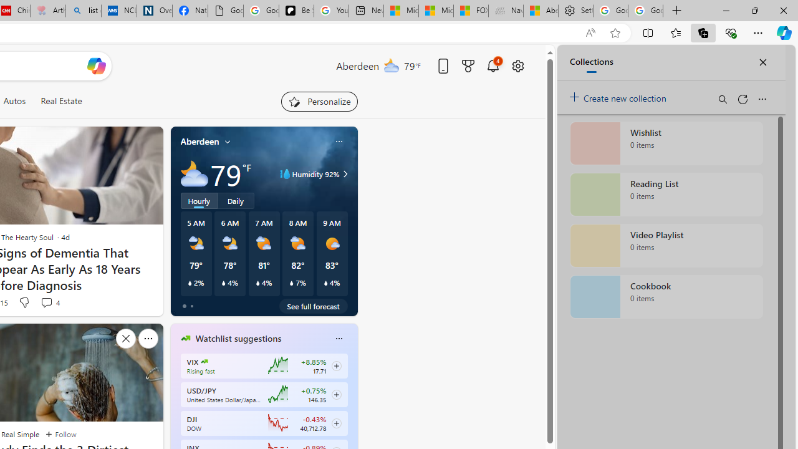 This screenshot has width=798, height=449. What do you see at coordinates (226, 11) in the screenshot?
I see `'Google Analytics Opt-out Browser Add-on Download Page'` at bounding box center [226, 11].